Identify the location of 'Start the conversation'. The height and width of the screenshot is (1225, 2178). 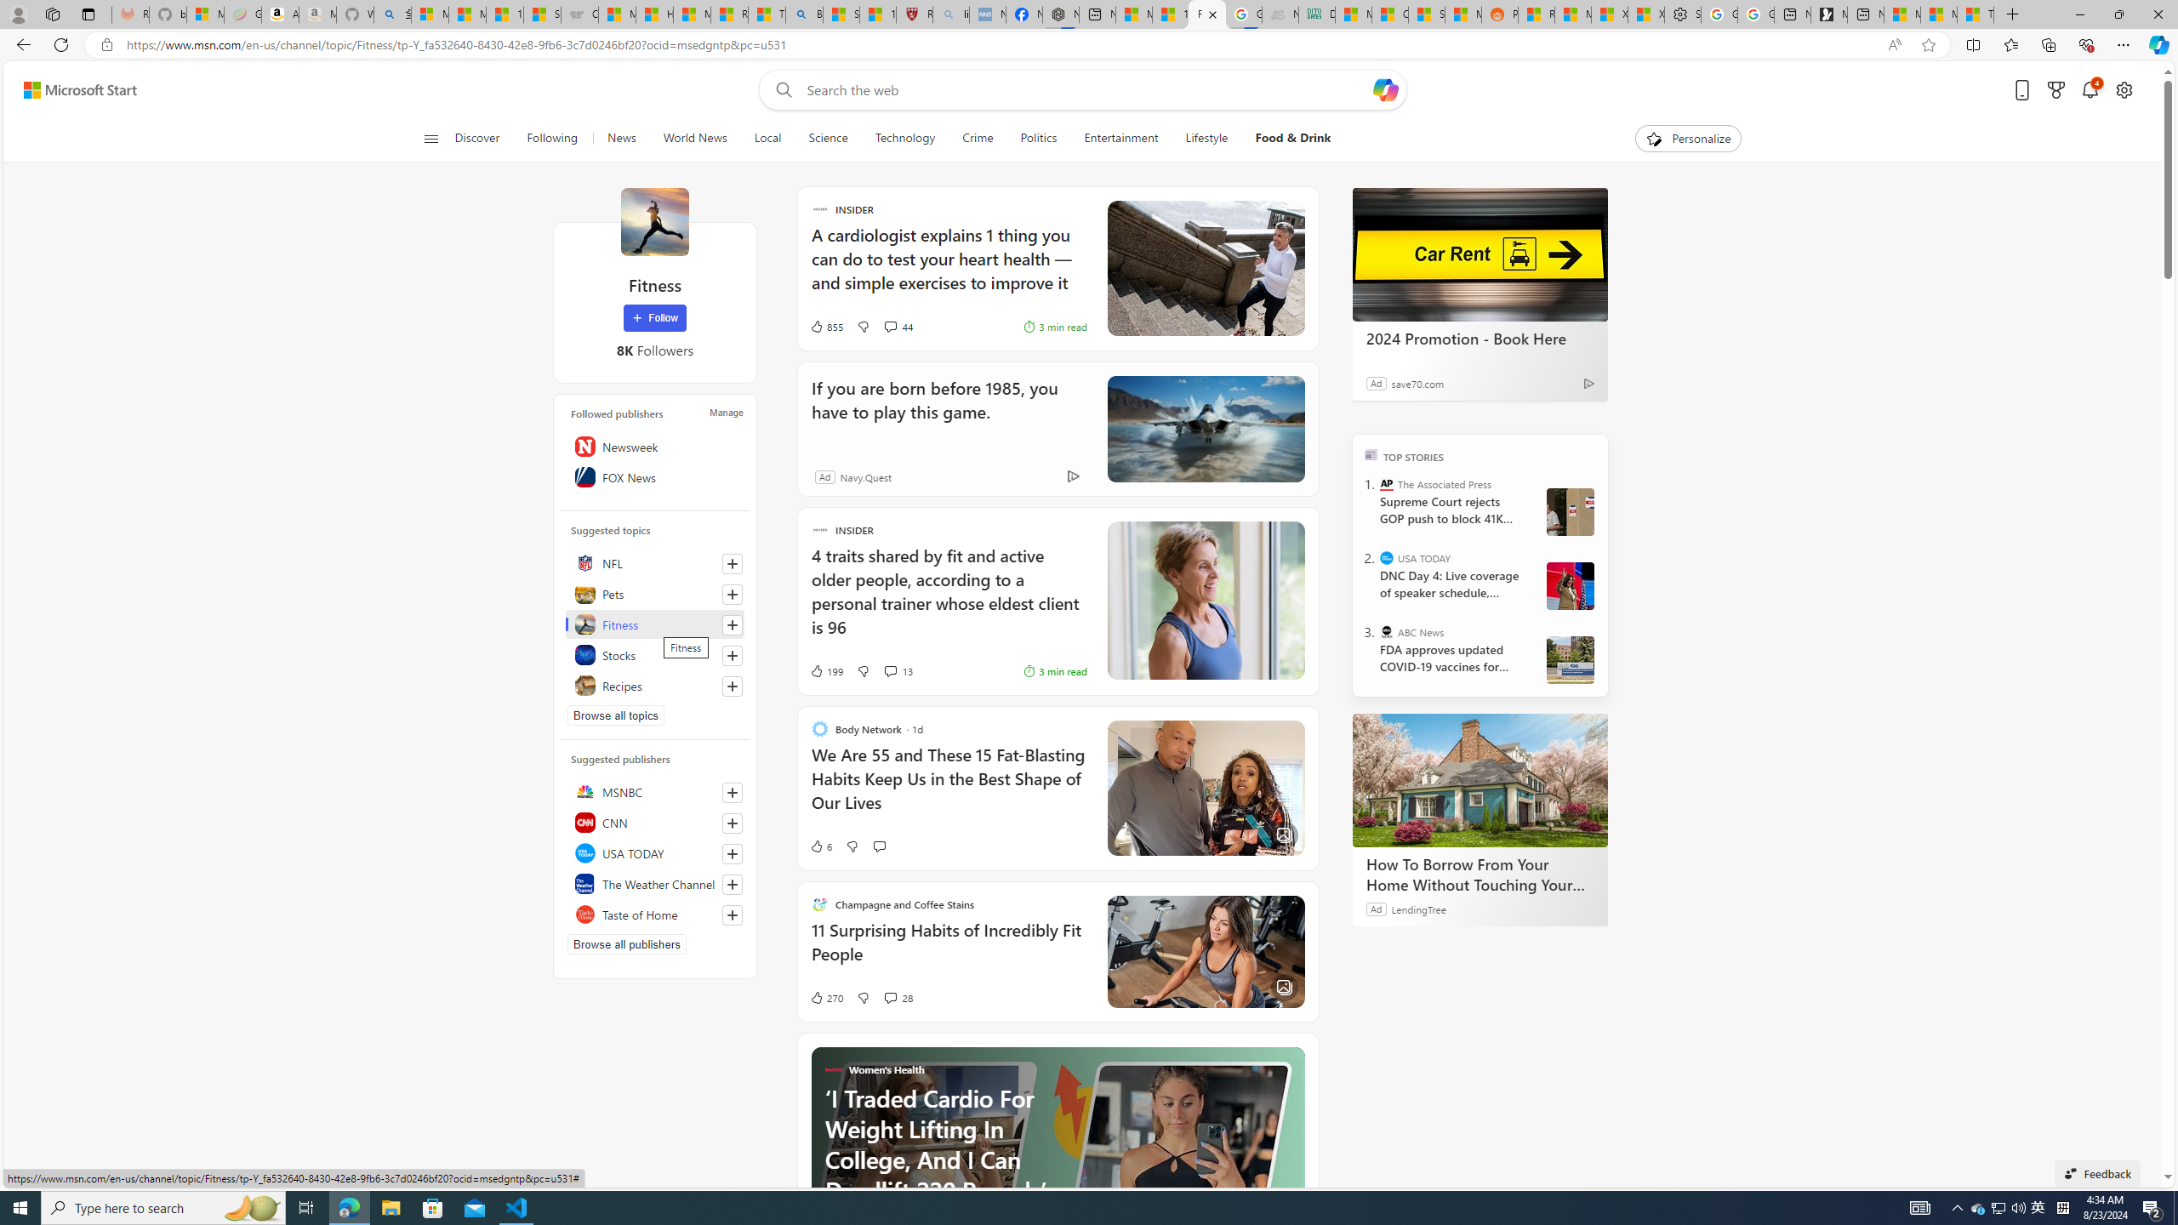
(877, 846).